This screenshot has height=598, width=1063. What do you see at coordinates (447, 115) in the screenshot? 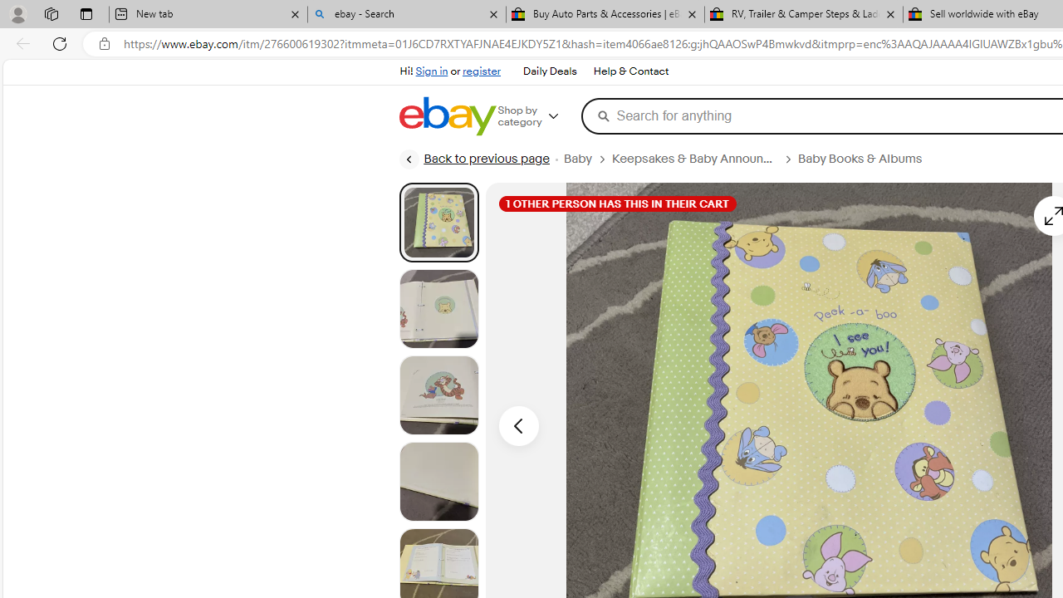
I see `'eBay Home'` at bounding box center [447, 115].